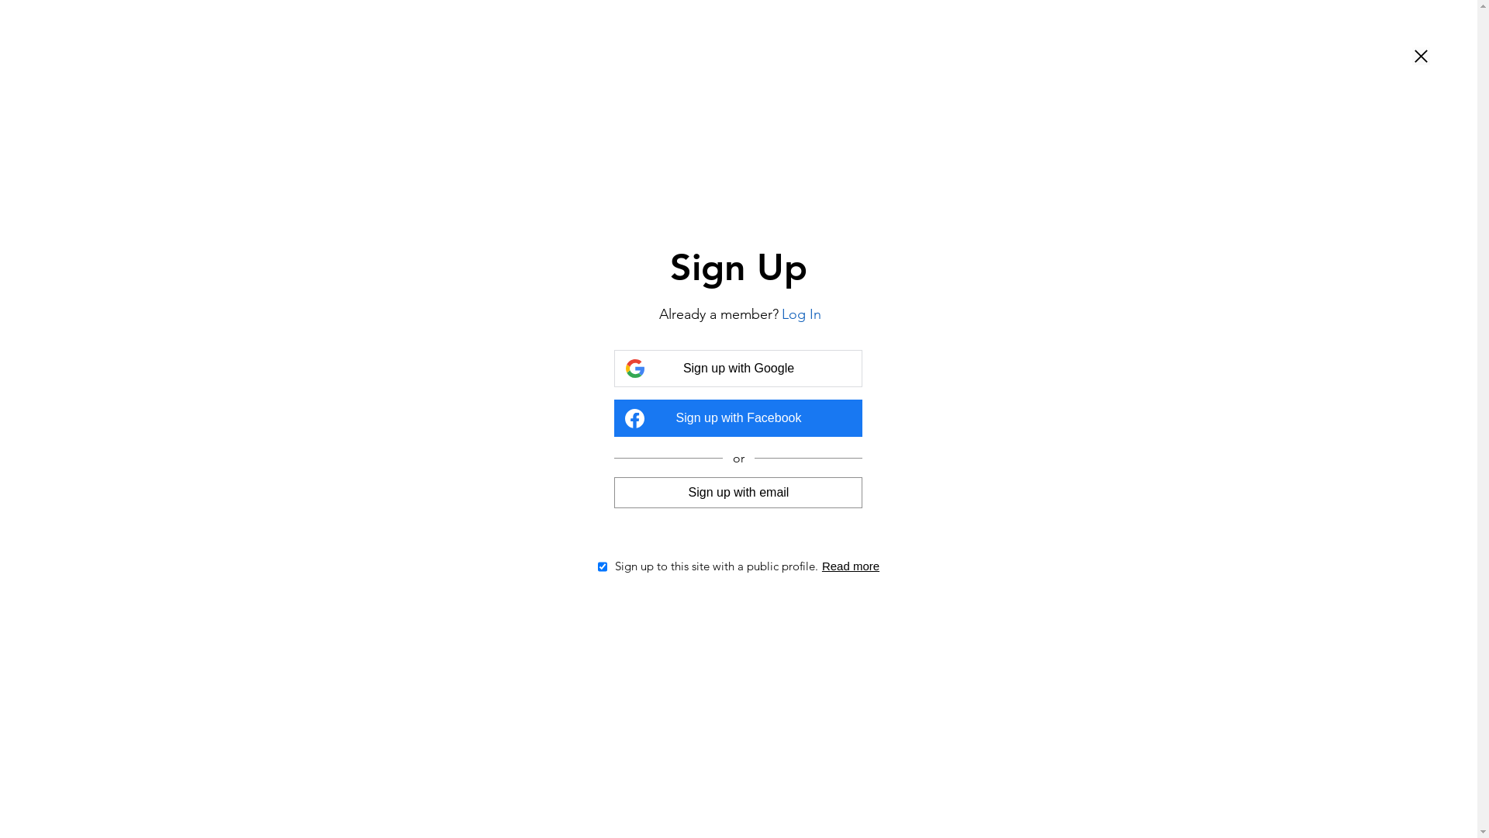 This screenshot has height=838, width=1489. What do you see at coordinates (737, 417) in the screenshot?
I see `'Sign up with Facebook'` at bounding box center [737, 417].